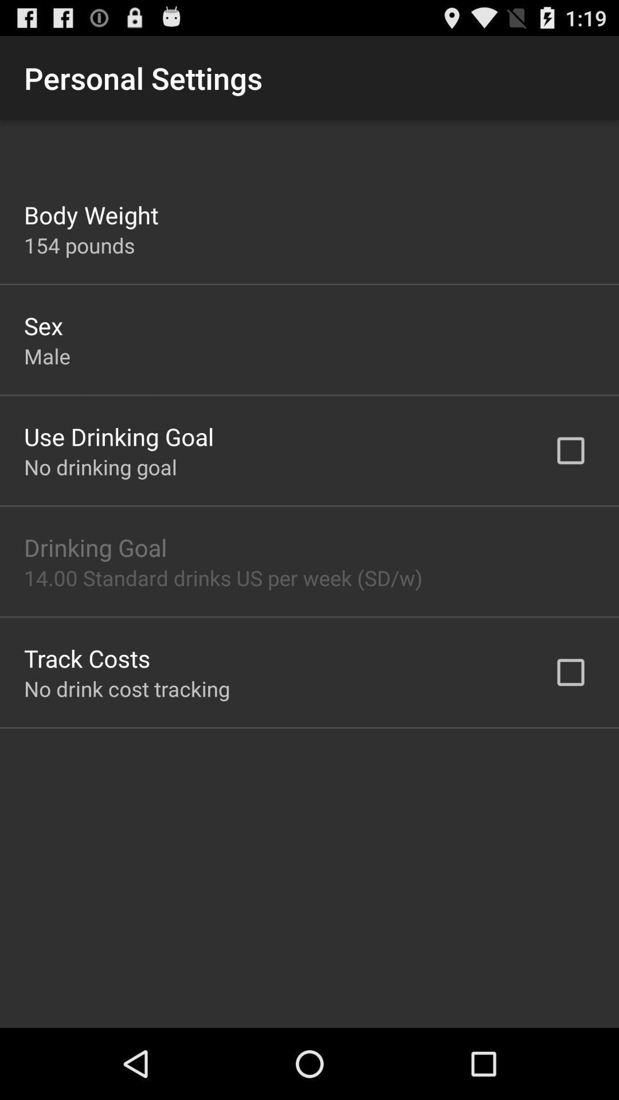 This screenshot has width=619, height=1100. What do you see at coordinates (87, 658) in the screenshot?
I see `app above no drink cost app` at bounding box center [87, 658].